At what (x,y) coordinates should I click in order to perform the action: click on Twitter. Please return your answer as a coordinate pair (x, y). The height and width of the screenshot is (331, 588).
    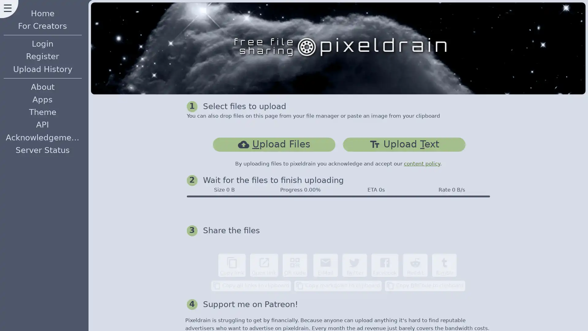
    Looking at the image, I should click on (354, 265).